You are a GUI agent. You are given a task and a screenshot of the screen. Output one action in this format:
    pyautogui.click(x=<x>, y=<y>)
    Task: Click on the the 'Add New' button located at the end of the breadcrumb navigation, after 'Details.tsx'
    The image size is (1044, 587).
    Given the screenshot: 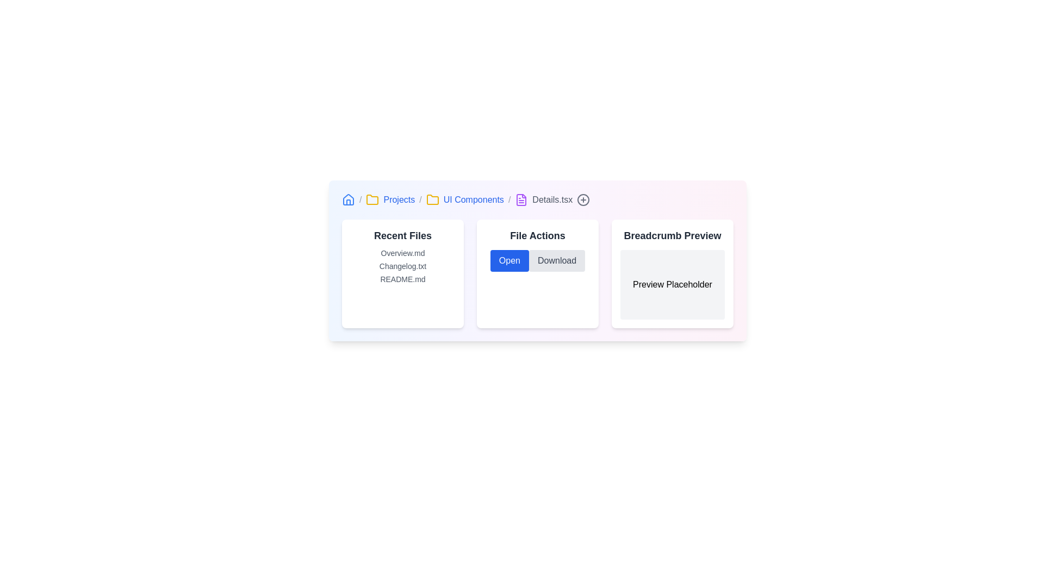 What is the action you would take?
    pyautogui.click(x=583, y=199)
    